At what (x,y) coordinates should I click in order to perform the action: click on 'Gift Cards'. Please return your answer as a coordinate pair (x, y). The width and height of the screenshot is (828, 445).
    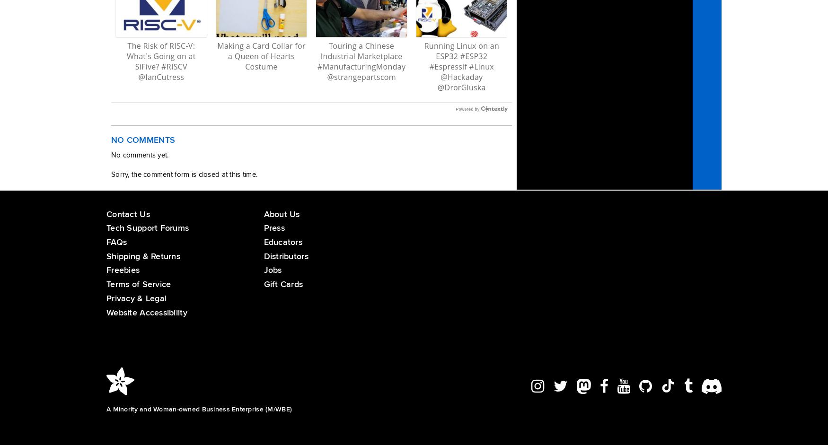
    Looking at the image, I should click on (283, 284).